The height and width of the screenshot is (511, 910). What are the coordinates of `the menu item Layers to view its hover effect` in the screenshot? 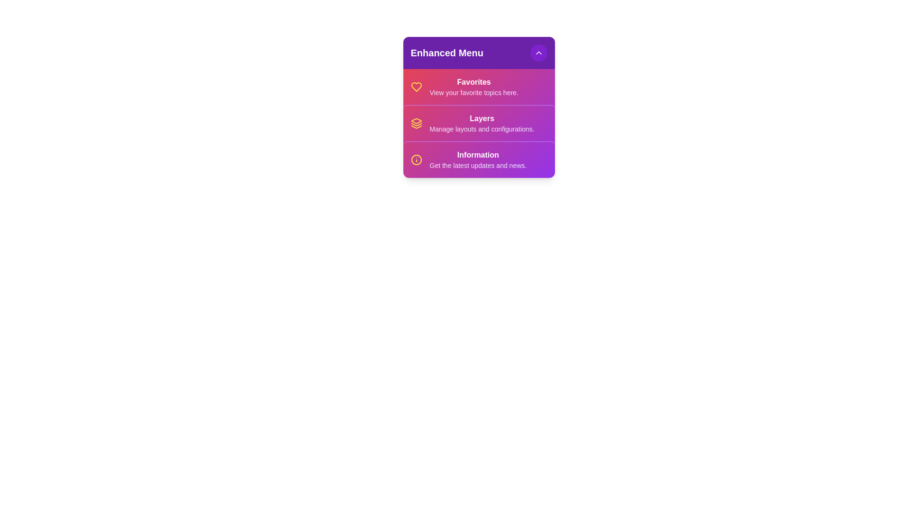 It's located at (479, 123).